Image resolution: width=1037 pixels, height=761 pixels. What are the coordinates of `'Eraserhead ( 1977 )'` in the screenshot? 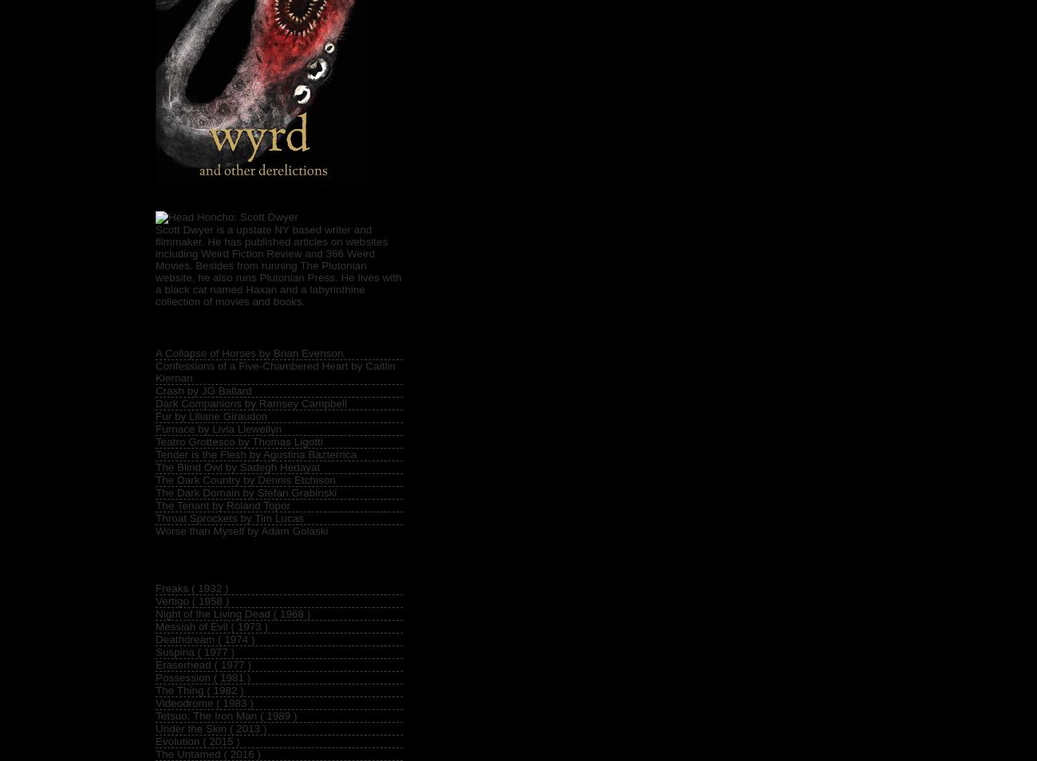 It's located at (156, 664).